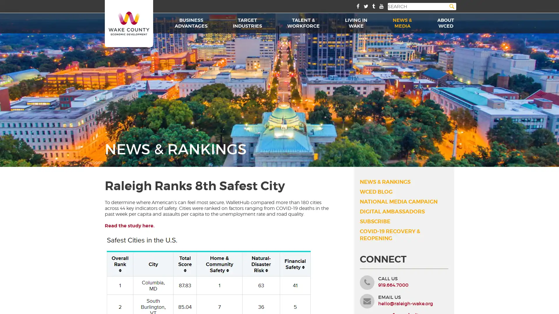 This screenshot has height=314, width=559. What do you see at coordinates (451, 6) in the screenshot?
I see `Search` at bounding box center [451, 6].